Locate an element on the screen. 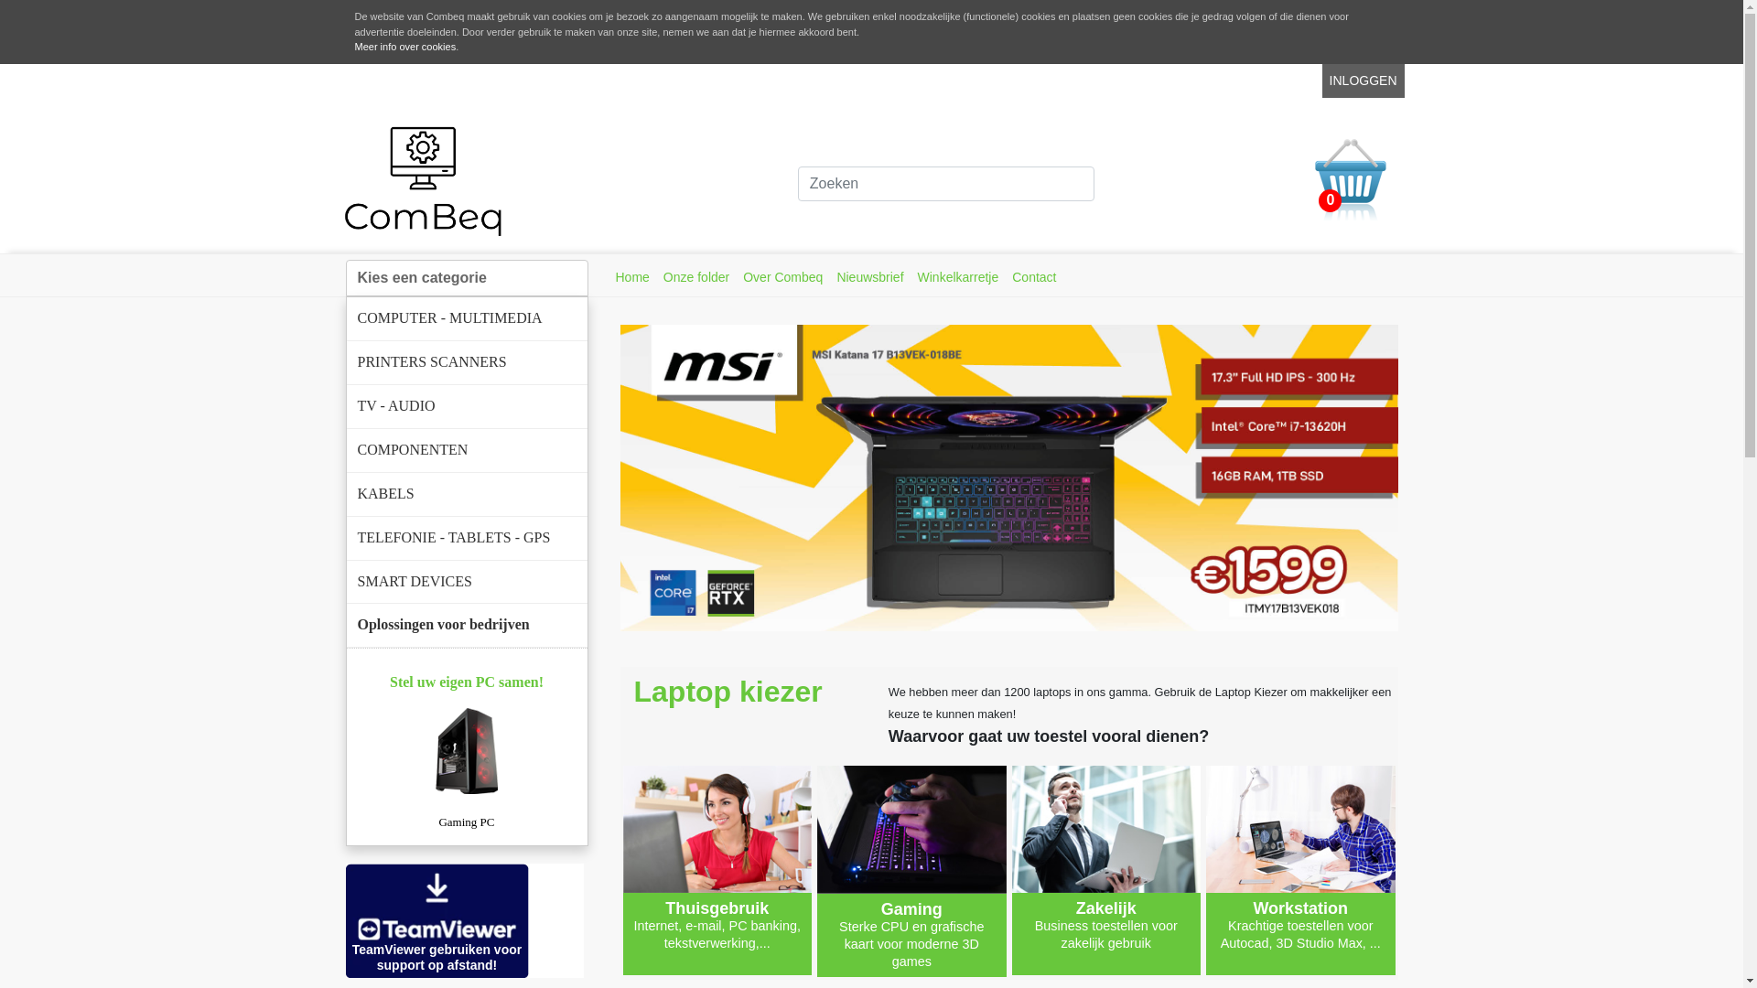 The image size is (1757, 988). 'Meer info over cookies' is located at coordinates (355, 46).